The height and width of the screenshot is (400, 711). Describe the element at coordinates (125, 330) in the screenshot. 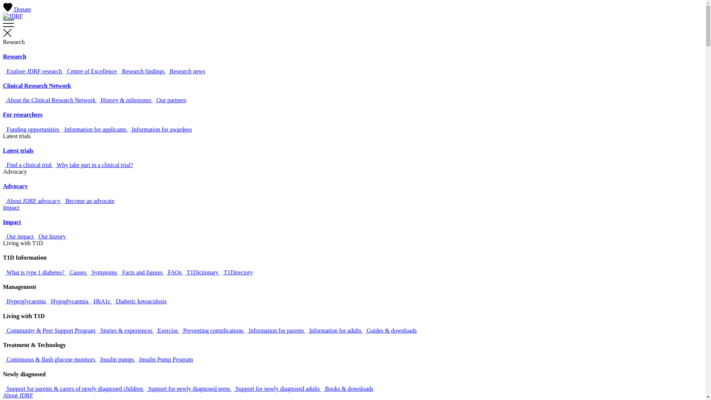

I see `'Stories & experiences'` at that location.